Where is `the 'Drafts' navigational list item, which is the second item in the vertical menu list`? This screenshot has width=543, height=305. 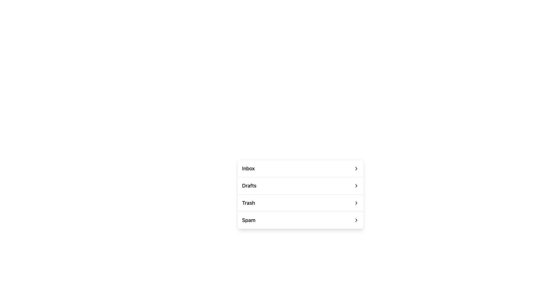
the 'Drafts' navigational list item, which is the second item in the vertical menu list is located at coordinates (300, 186).